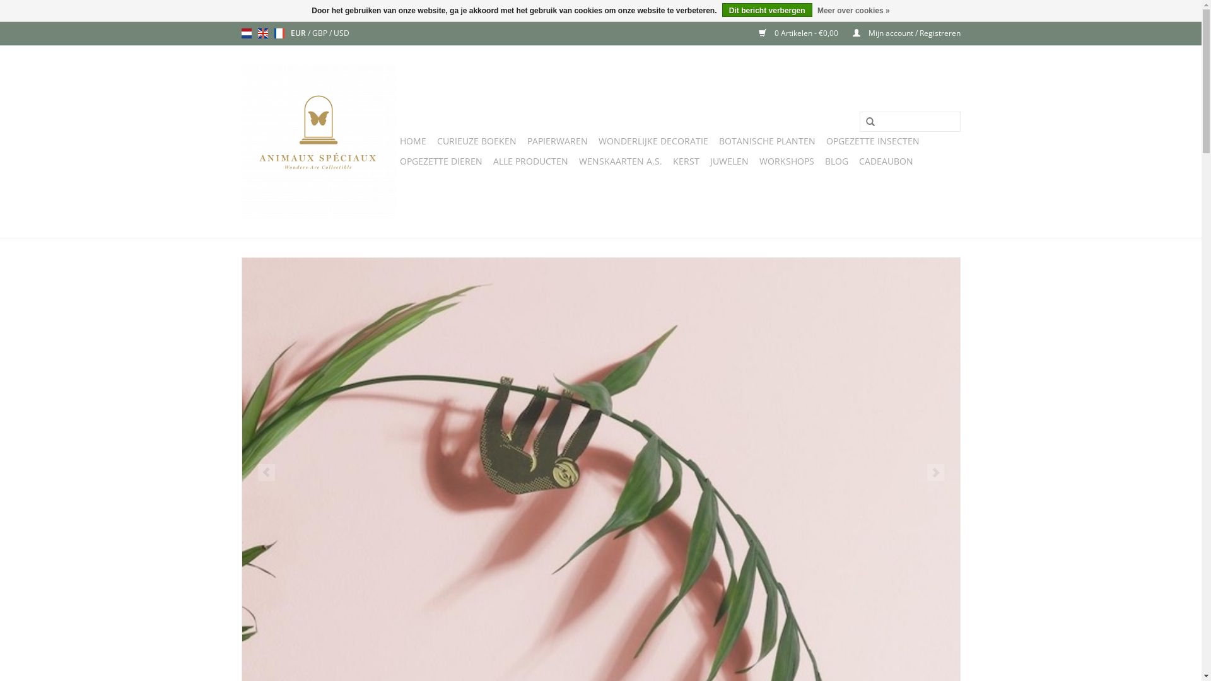 This screenshot has height=681, width=1211. Describe the element at coordinates (668, 160) in the screenshot. I see `'KERST'` at that location.